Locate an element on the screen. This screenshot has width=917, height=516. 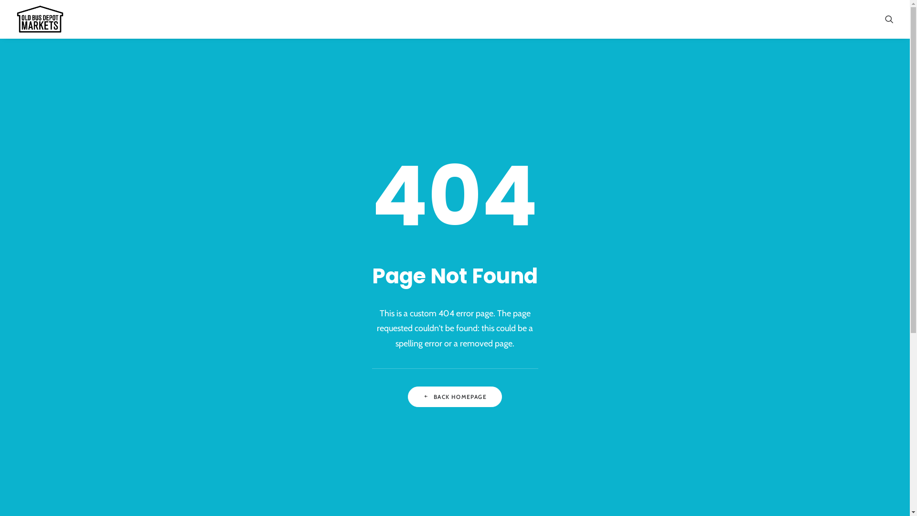
'BACK HOMEPAGE' is located at coordinates (454, 397).